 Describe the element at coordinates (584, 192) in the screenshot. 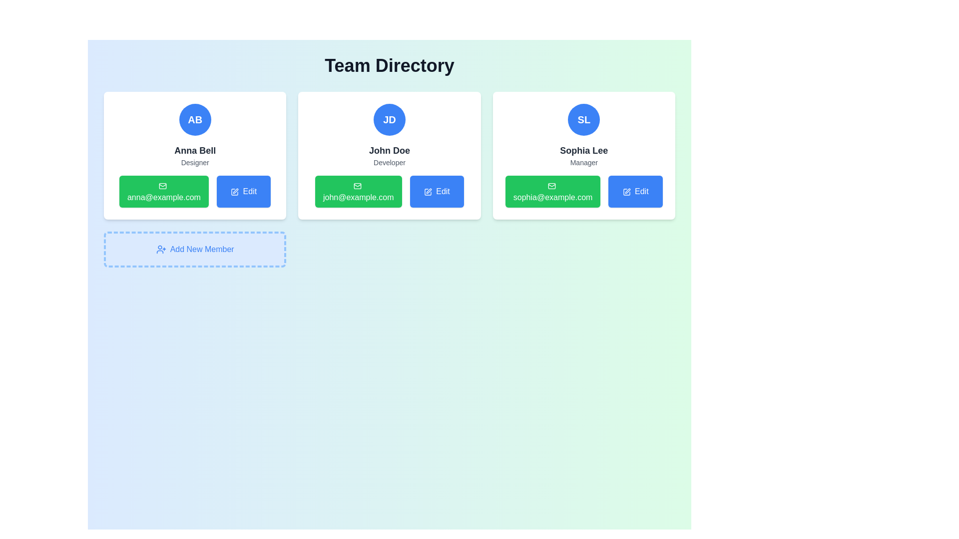

I see `the interactive email button for 'Sophia Lee'` at that location.